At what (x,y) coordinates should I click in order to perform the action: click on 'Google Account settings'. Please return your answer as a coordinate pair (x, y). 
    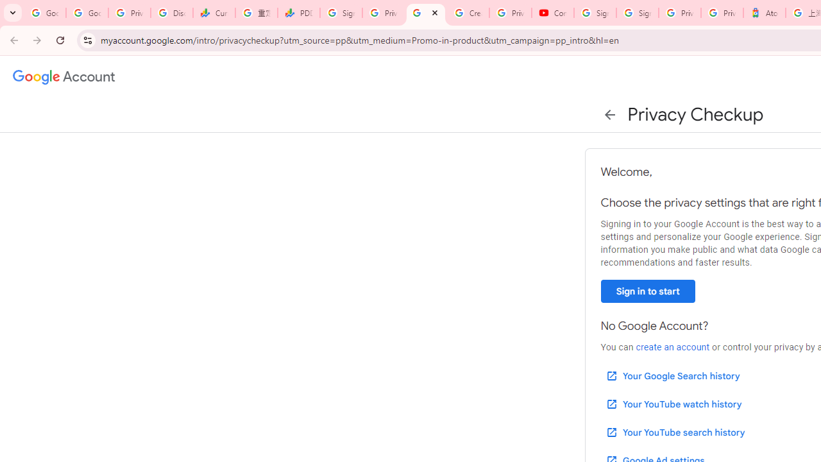
    Looking at the image, I should click on (63, 77).